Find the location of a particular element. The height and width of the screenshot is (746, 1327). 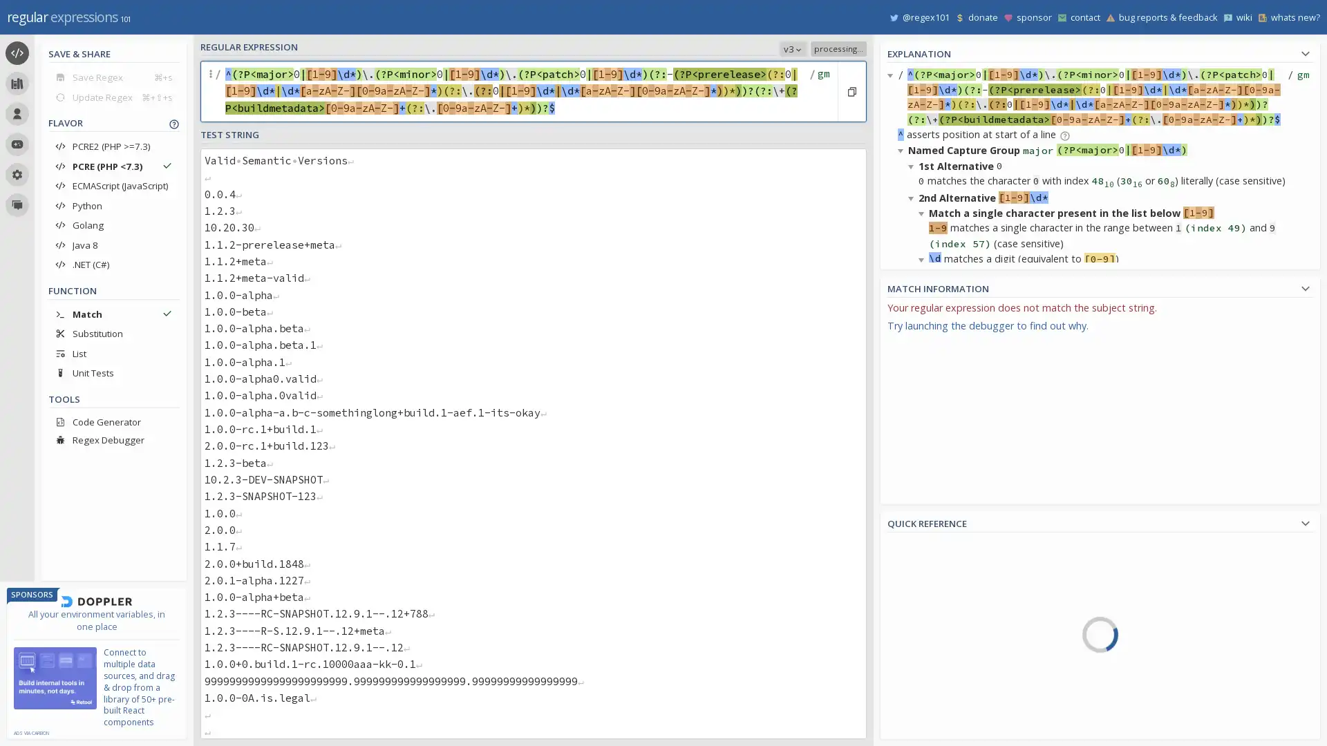

Collapse Subtree is located at coordinates (913, 510).